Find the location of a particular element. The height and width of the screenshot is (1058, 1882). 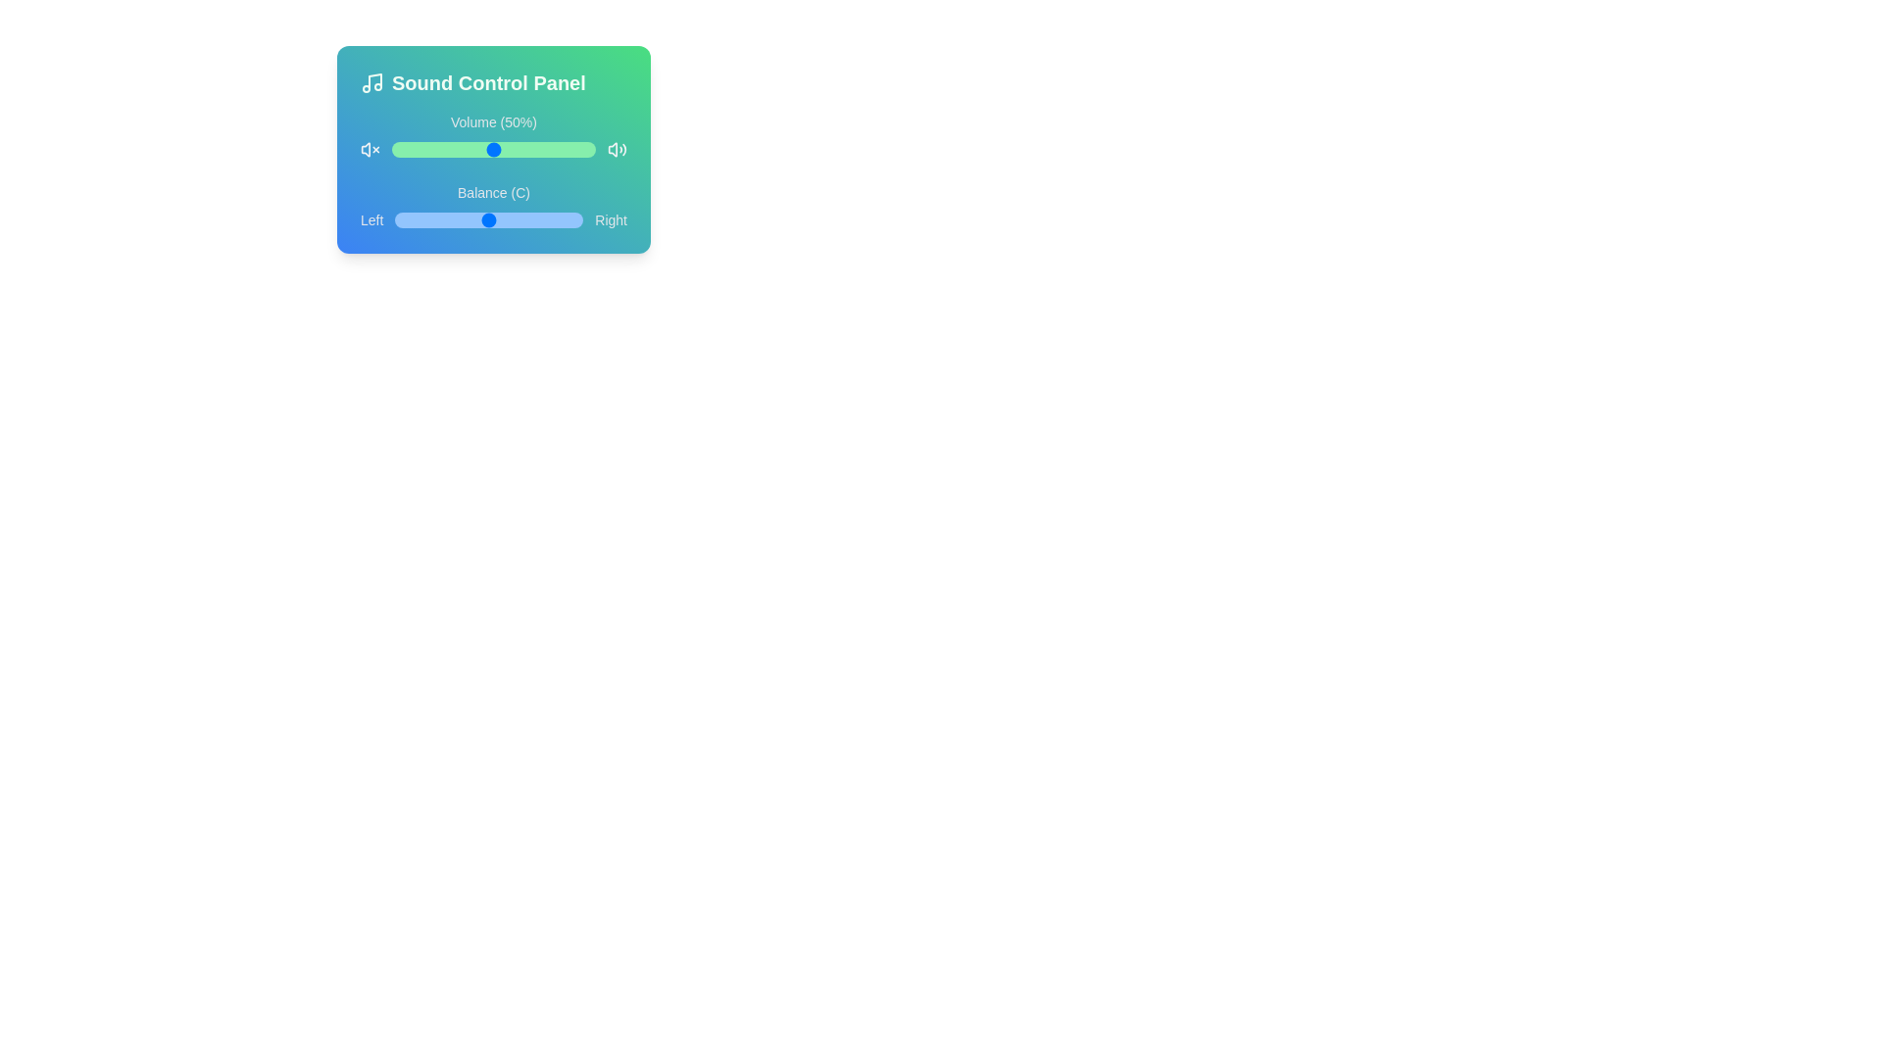

balance is located at coordinates (471, 219).